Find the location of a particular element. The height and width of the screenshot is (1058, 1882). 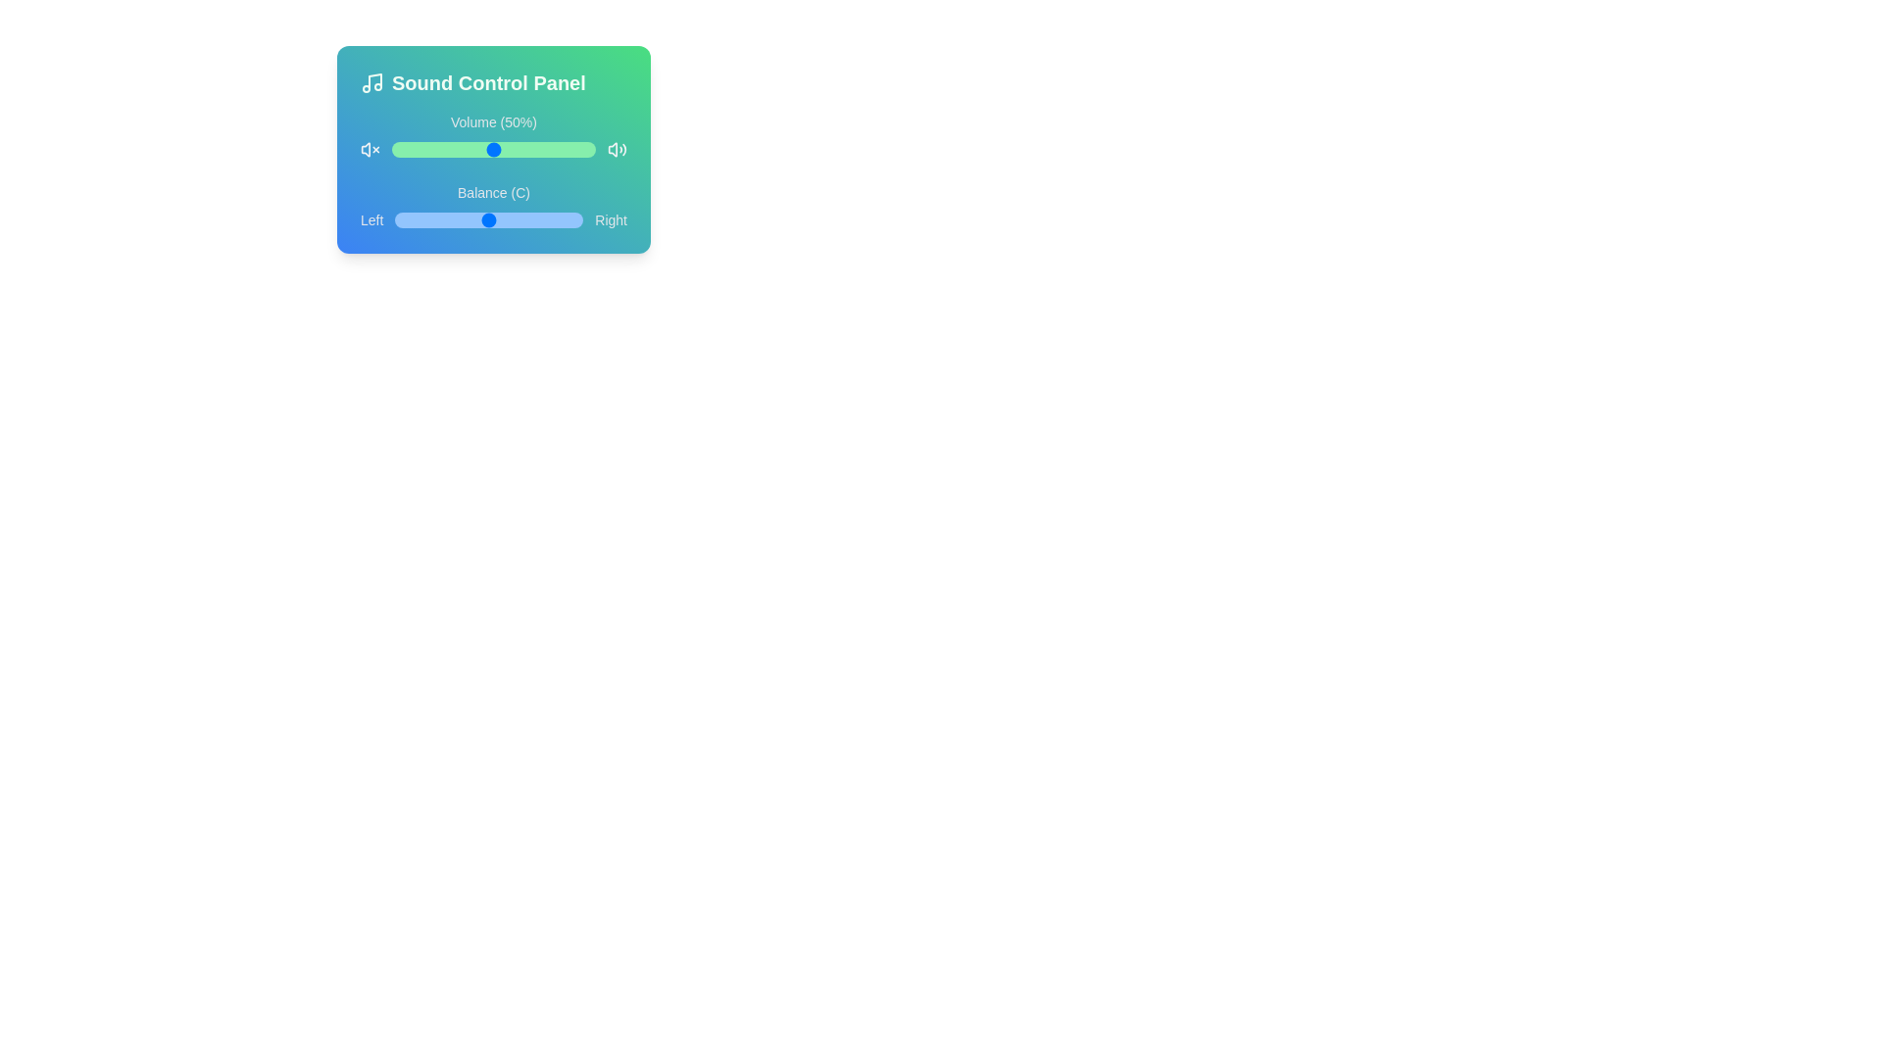

balance is located at coordinates (471, 219).